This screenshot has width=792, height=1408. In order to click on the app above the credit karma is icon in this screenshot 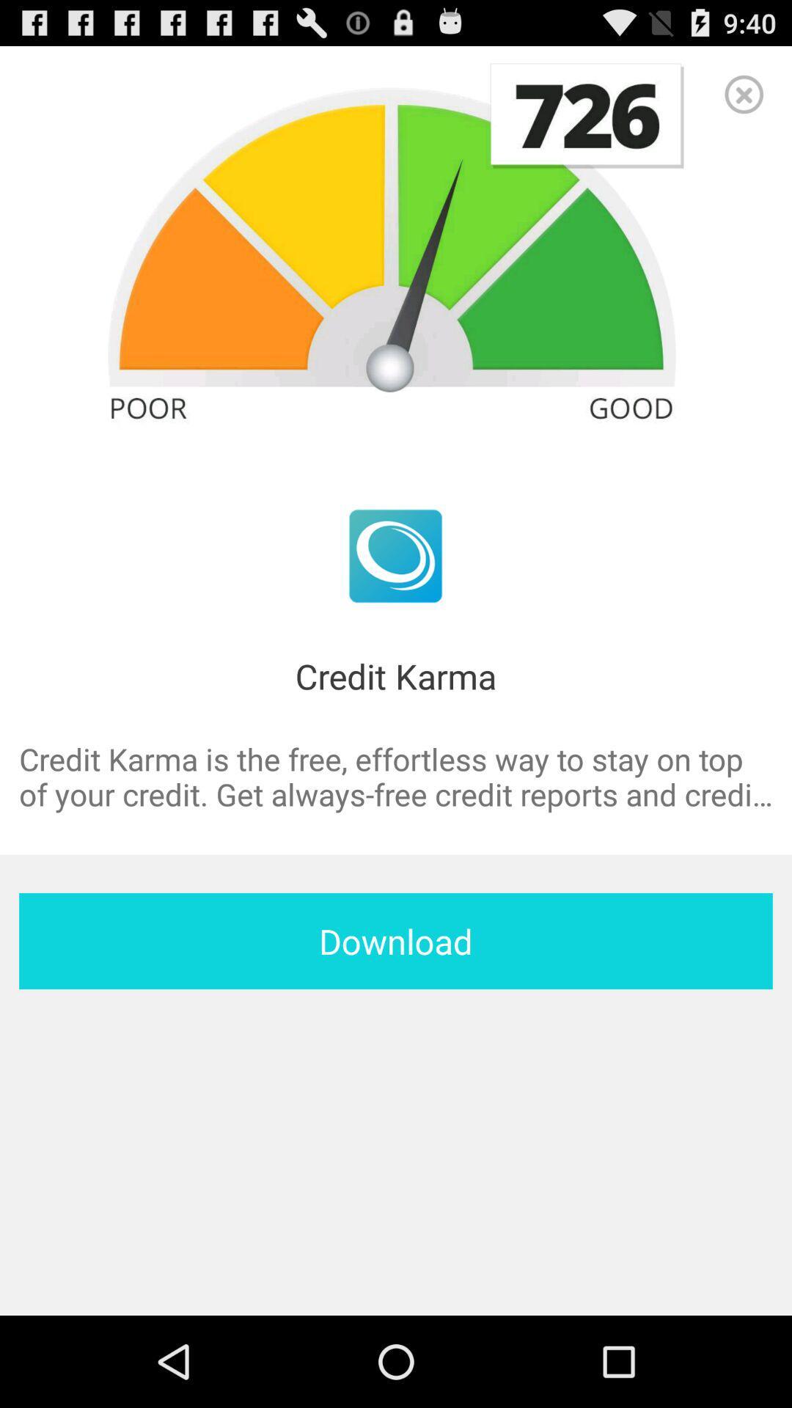, I will do `click(744, 93)`.